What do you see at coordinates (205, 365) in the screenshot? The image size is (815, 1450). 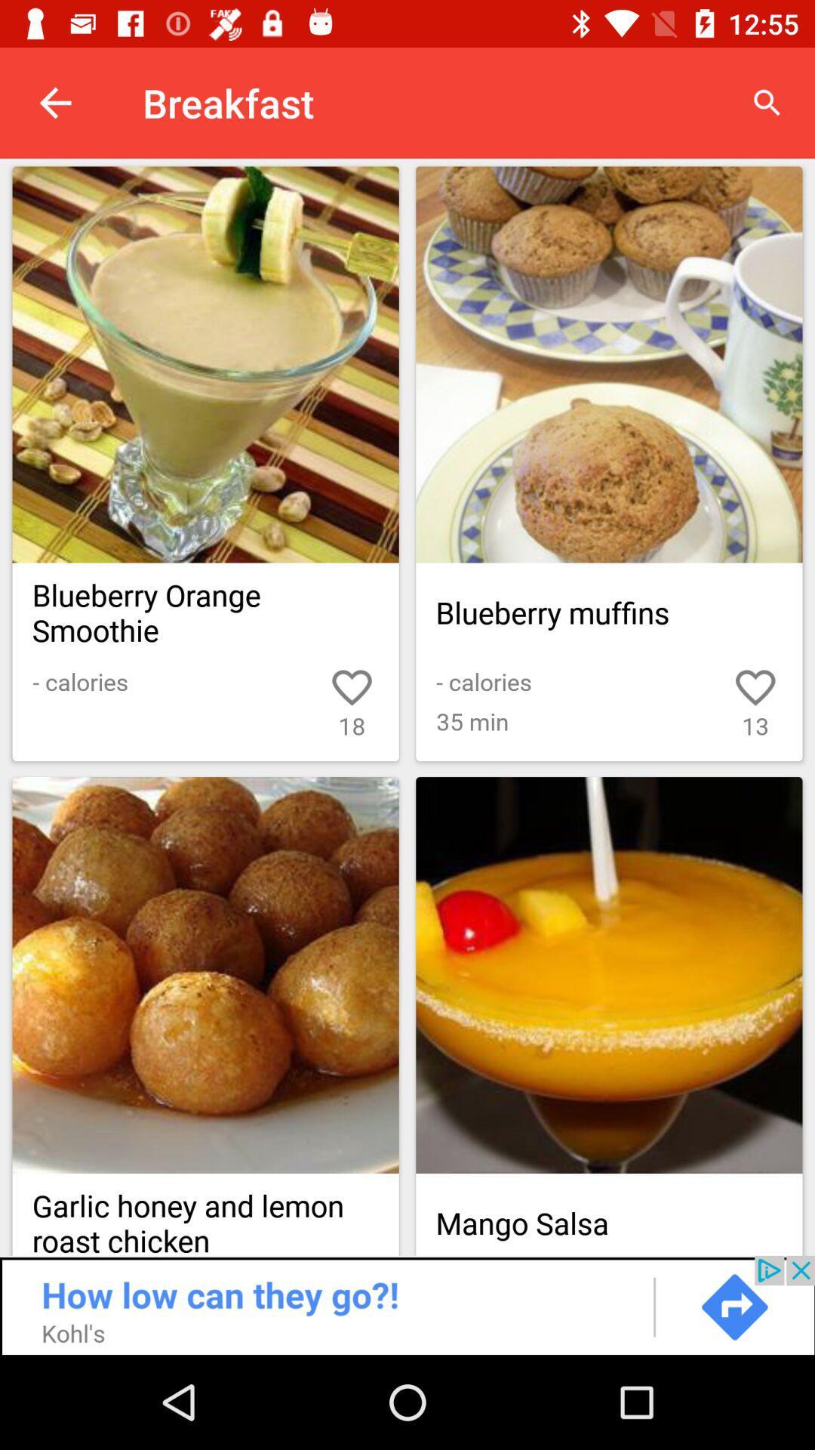 I see `open new page` at bounding box center [205, 365].